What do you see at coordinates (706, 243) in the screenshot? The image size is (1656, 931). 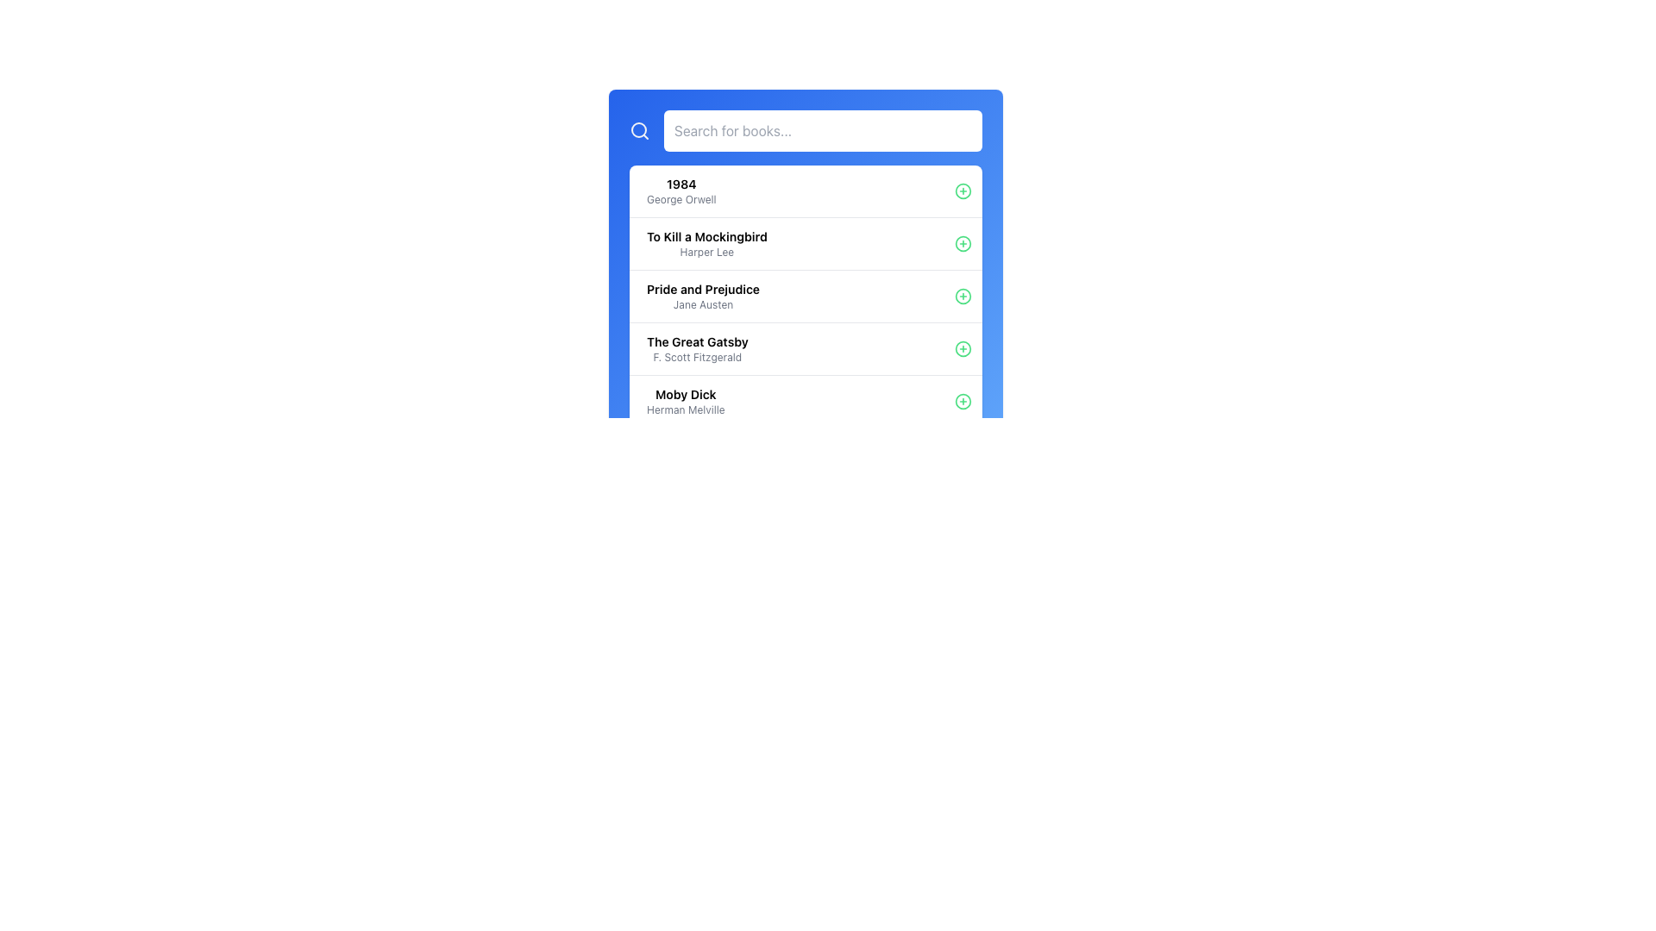 I see `the text display element showing 'To Kill a Mockingbird' by 'Harper Lee', which is the second item in a vertical list` at bounding box center [706, 243].